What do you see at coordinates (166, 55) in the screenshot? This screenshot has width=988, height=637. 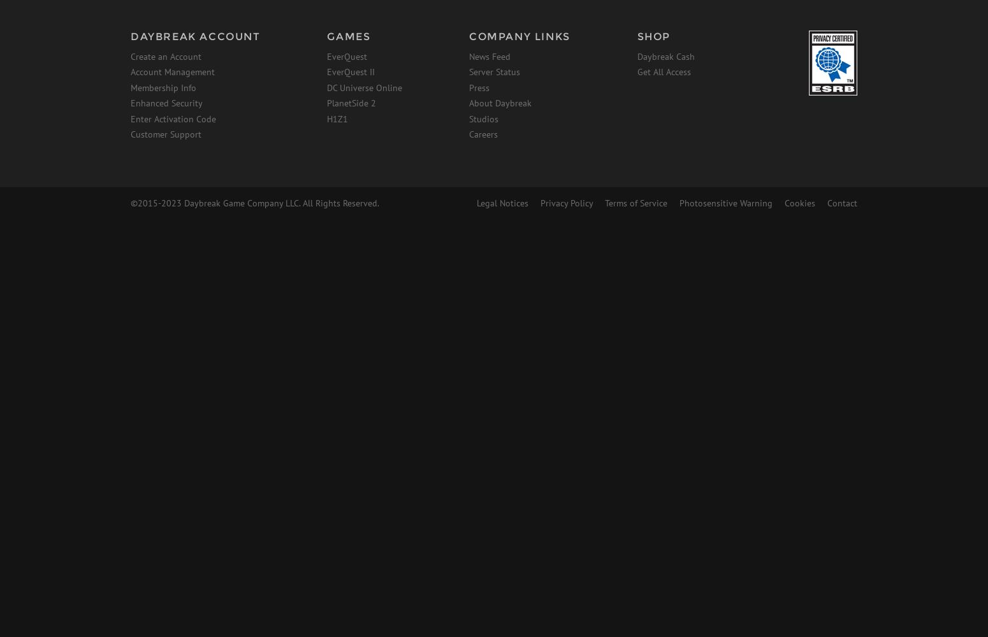 I see `'Create an Account'` at bounding box center [166, 55].